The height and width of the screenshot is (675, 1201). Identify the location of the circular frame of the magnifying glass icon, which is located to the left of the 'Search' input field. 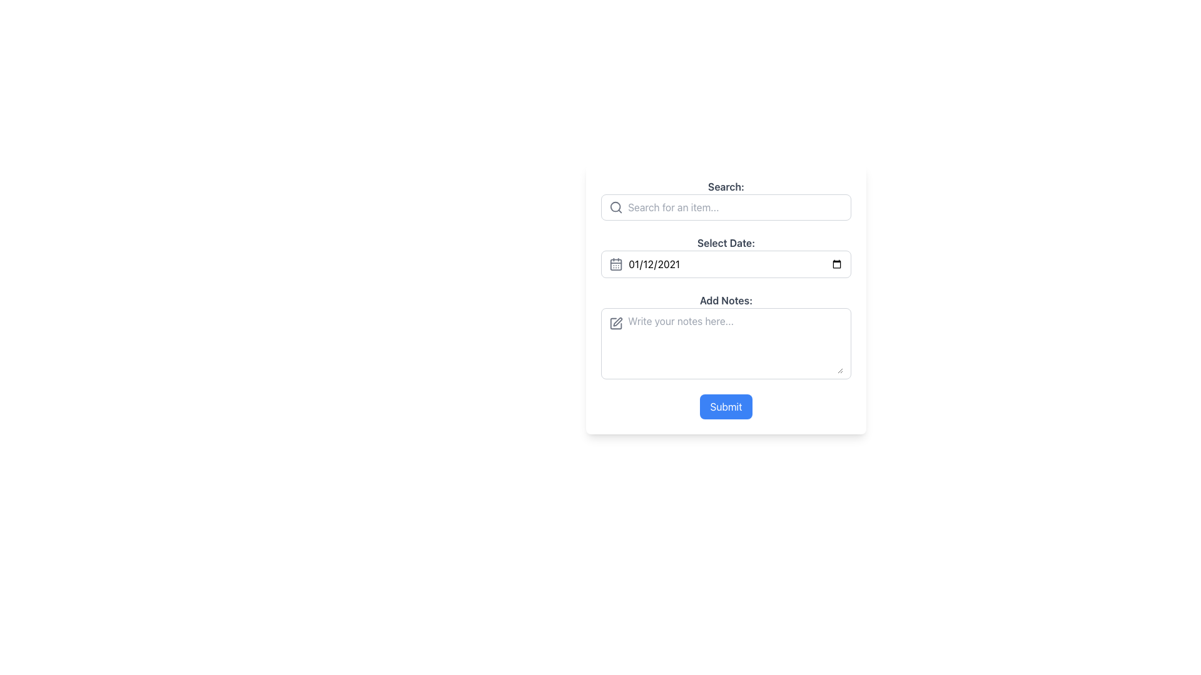
(616, 206).